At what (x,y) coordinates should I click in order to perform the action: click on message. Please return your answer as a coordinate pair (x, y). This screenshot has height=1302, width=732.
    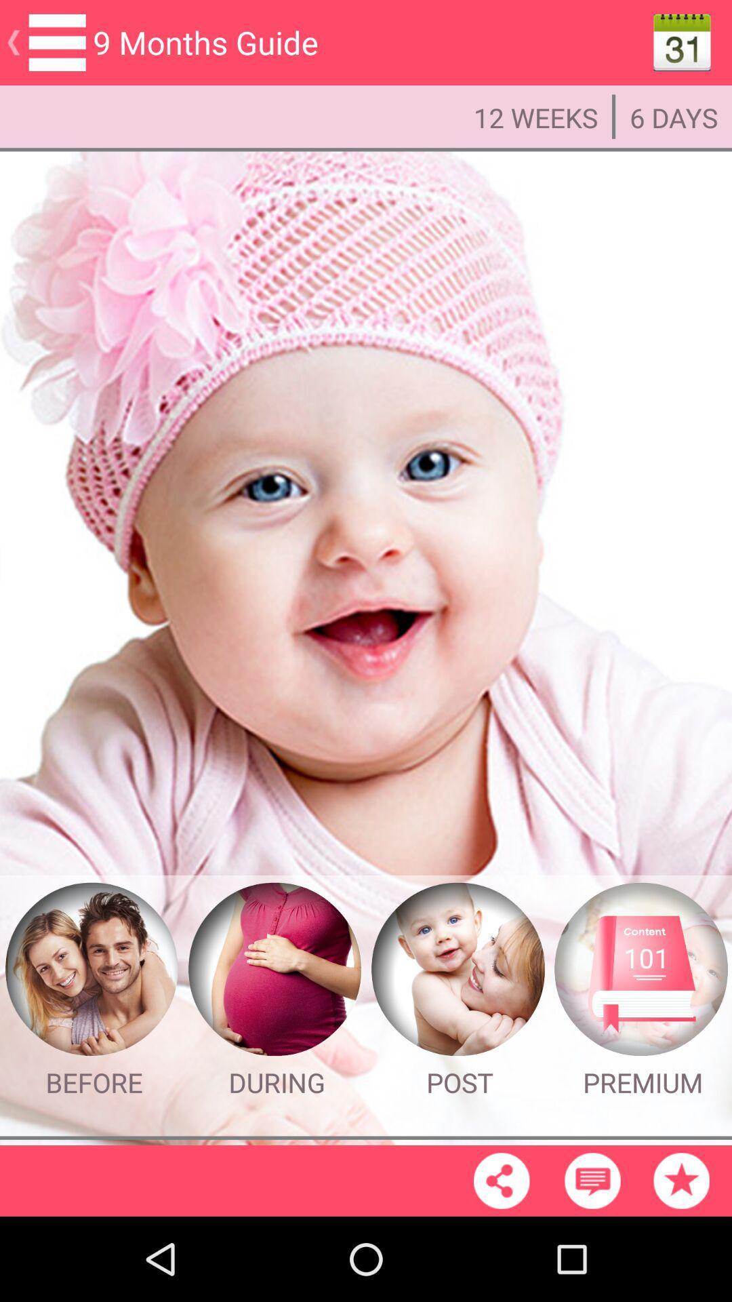
    Looking at the image, I should click on (592, 1180).